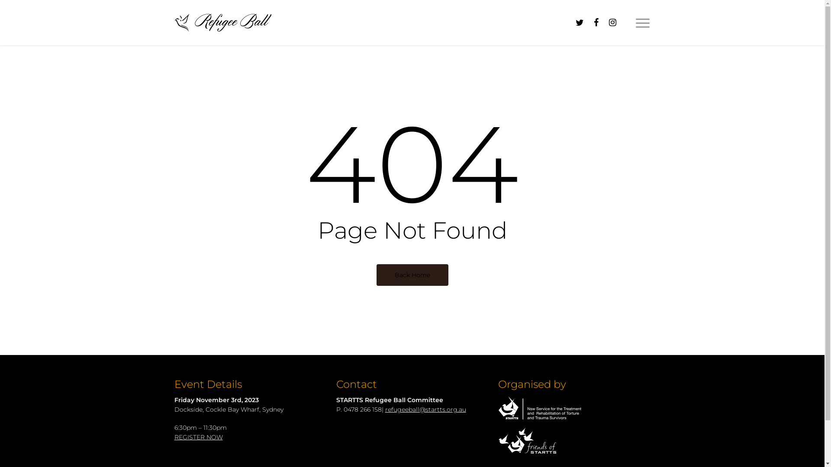 This screenshot has width=831, height=467. What do you see at coordinates (174, 437) in the screenshot?
I see `'REGISTER NOW'` at bounding box center [174, 437].